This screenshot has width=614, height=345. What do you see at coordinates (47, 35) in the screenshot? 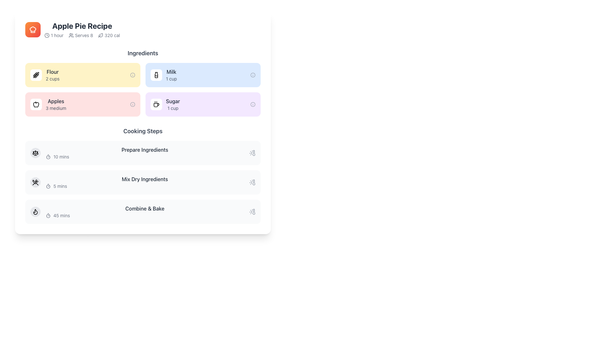
I see `the clock icon located to the left of the '1 hour' text in the summary section of the recipe details for additional context` at bounding box center [47, 35].